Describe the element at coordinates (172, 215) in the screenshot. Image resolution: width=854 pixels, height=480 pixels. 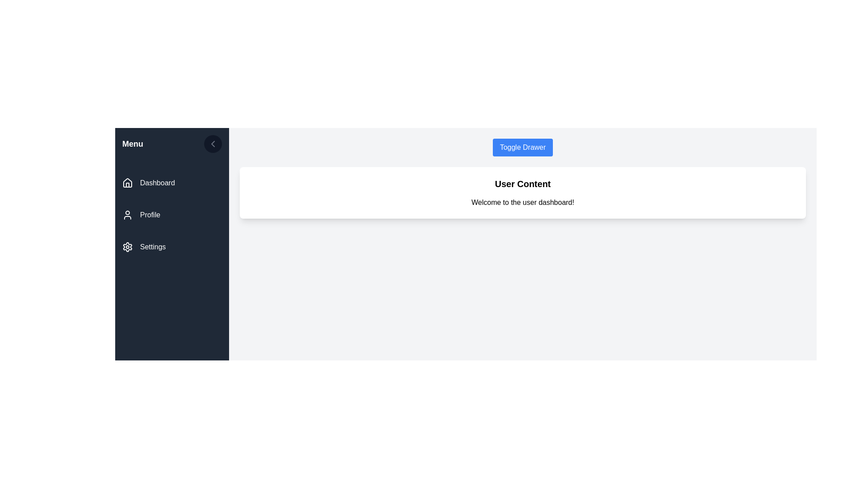
I see `the 'Profile' Navigation Menu Item located in the vertical menu on a dark blue background` at that location.